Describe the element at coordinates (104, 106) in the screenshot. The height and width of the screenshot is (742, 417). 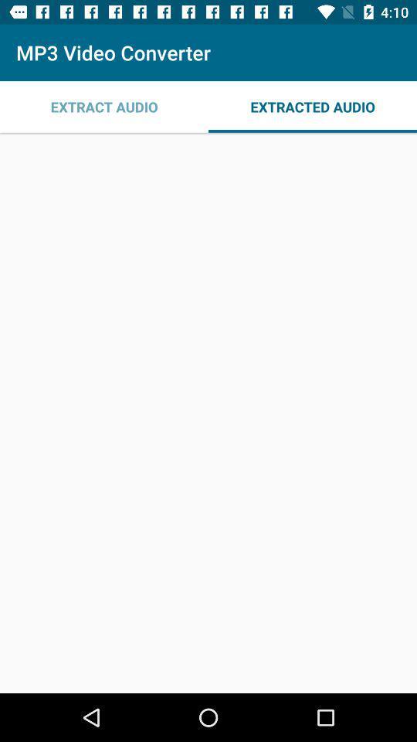
I see `icon next to extracted audio item` at that location.